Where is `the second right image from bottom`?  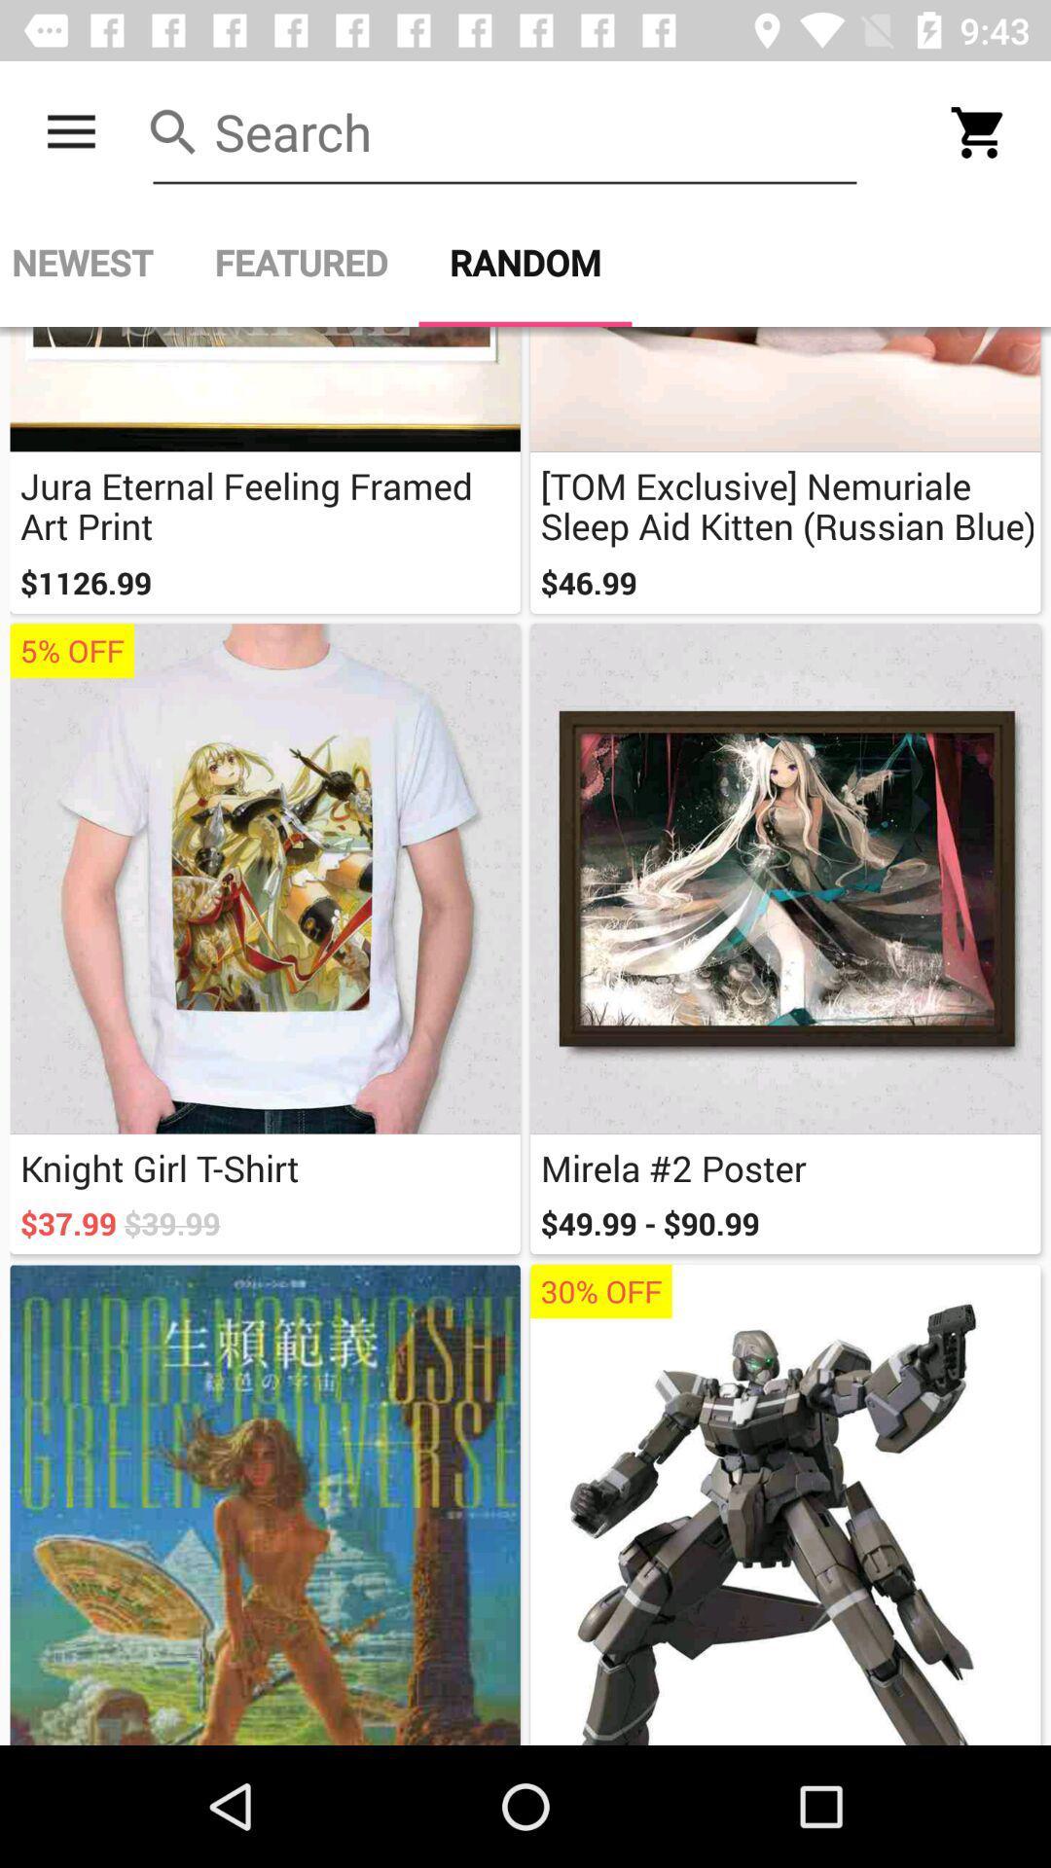
the second right image from bottom is located at coordinates (784, 938).